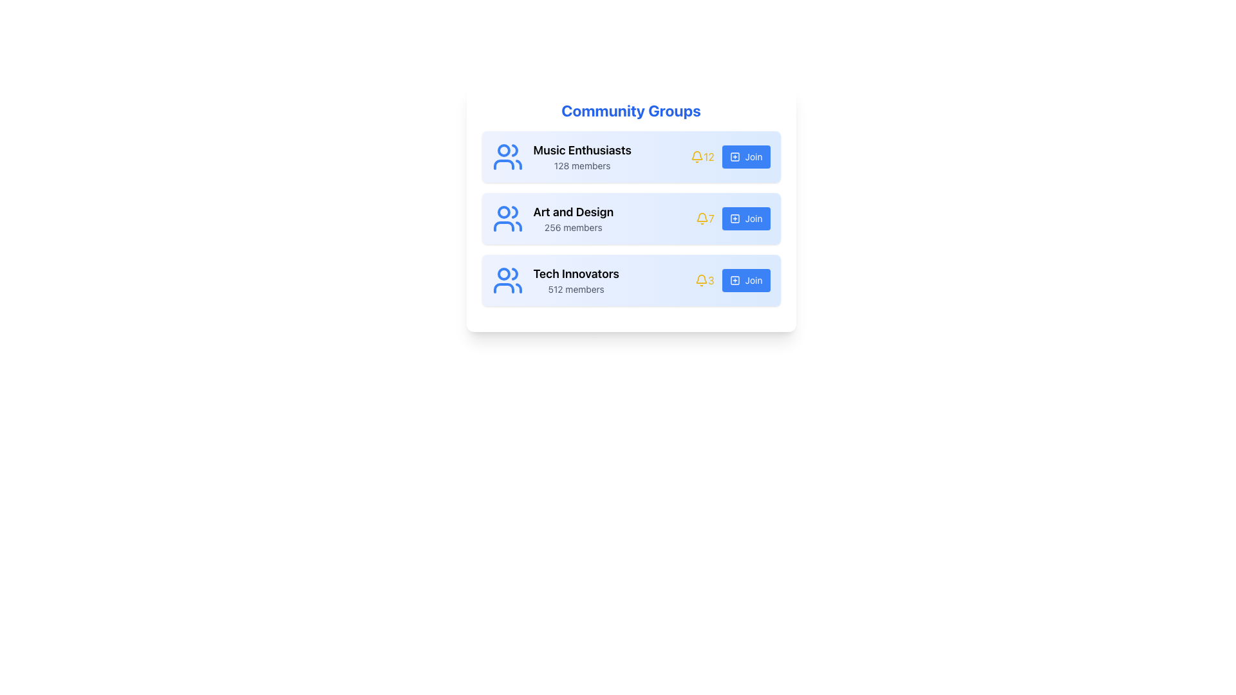 This screenshot has width=1236, height=695. I want to click on the Square icon with a rounded rectangle shape that serves as an indicator for joining the 'Music Enthusiasts' group, located adjacent to the 'Join' button, so click(735, 156).